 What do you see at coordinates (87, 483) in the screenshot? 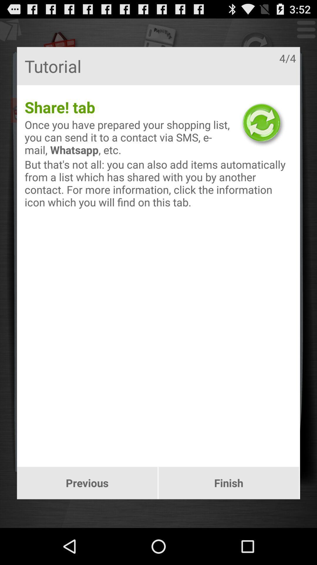
I see `previous item` at bounding box center [87, 483].